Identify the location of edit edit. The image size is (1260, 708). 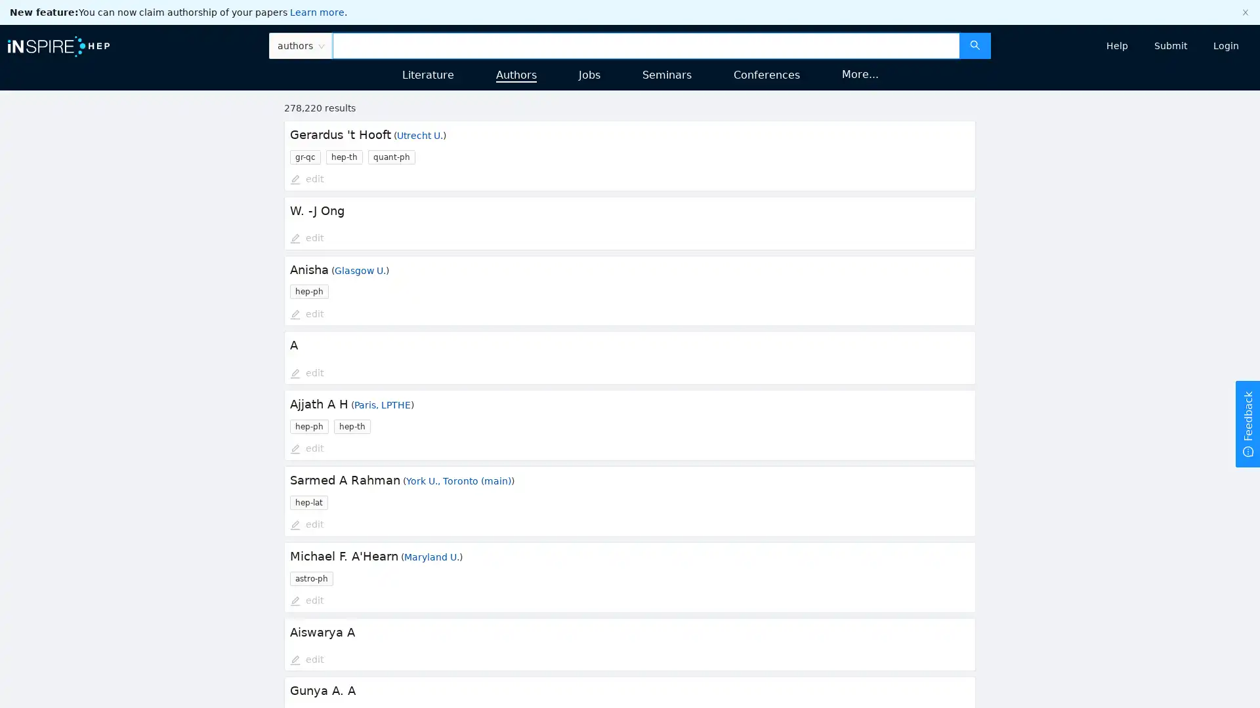
(306, 601).